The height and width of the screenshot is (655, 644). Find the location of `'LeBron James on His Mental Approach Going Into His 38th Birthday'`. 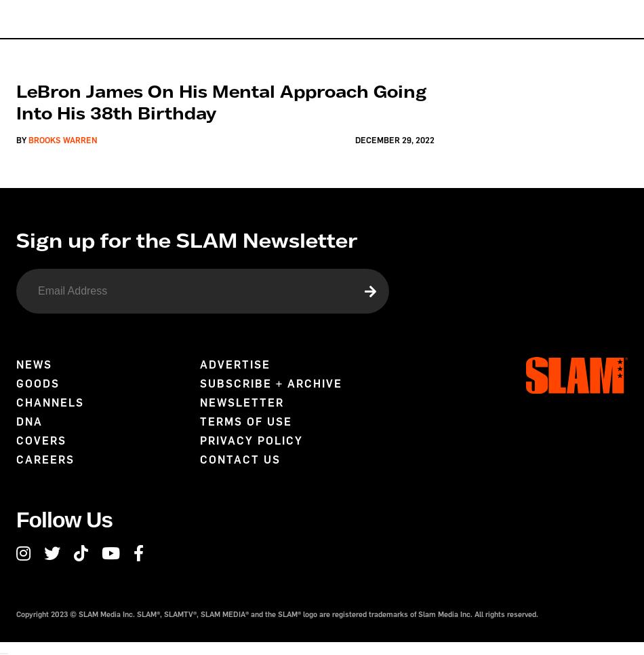

'LeBron James on His Mental Approach Going Into His 38th Birthday' is located at coordinates (220, 102).